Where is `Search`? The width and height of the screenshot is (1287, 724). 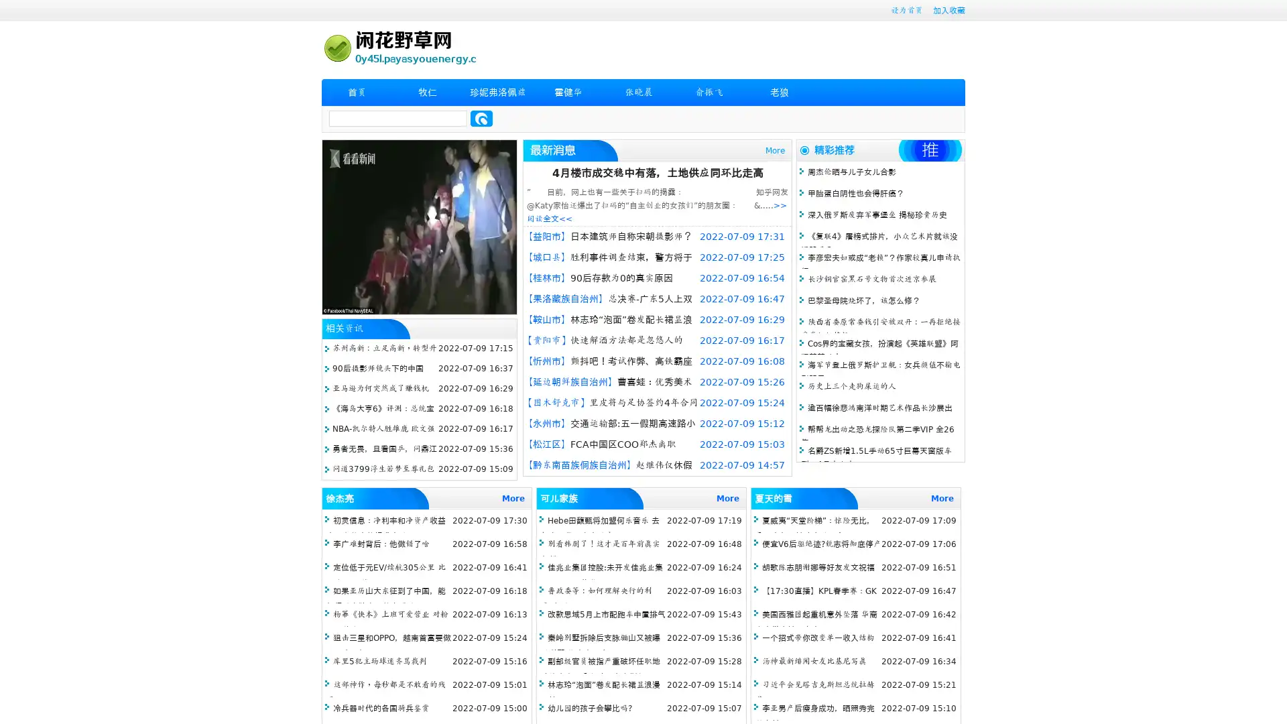 Search is located at coordinates (481, 118).